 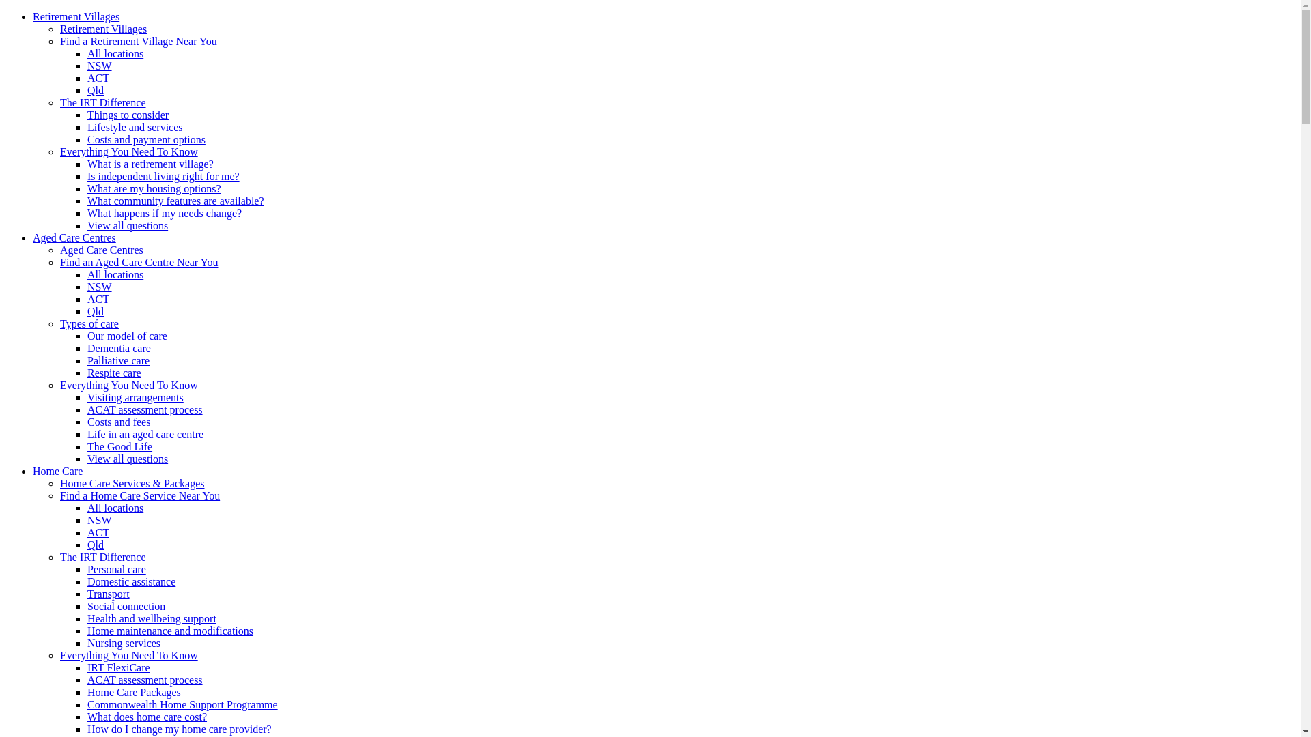 I want to click on 'Find an Aged Care Centre Near You', so click(x=139, y=262).